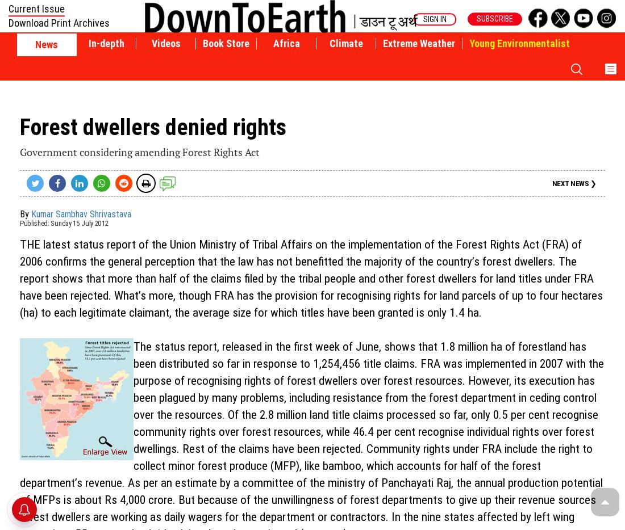  Describe the element at coordinates (139, 152) in the screenshot. I see `'Government considering amending Forest Rights Act'` at that location.